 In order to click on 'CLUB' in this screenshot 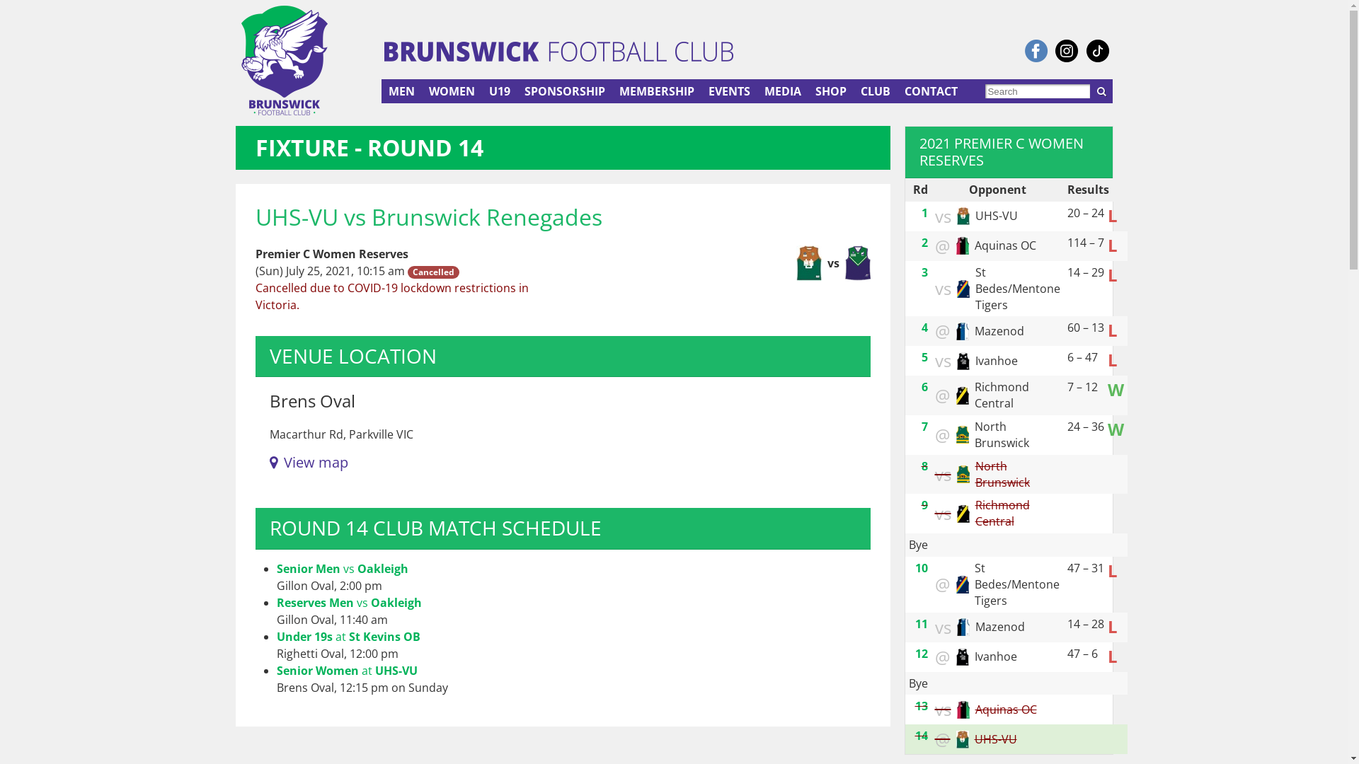, I will do `click(875, 91)`.